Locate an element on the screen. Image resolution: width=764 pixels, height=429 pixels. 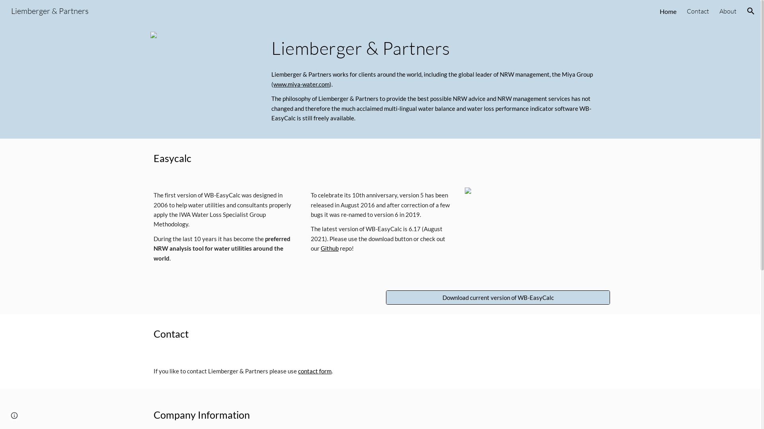
'contact form' is located at coordinates (314, 371).